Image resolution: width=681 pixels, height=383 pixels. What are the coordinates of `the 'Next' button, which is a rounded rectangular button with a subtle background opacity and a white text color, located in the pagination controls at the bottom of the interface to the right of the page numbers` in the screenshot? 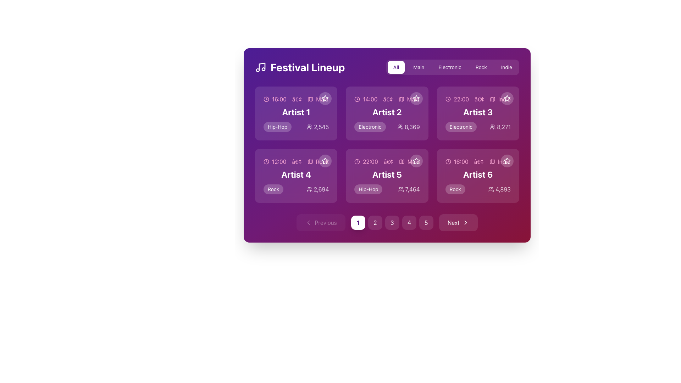 It's located at (458, 222).